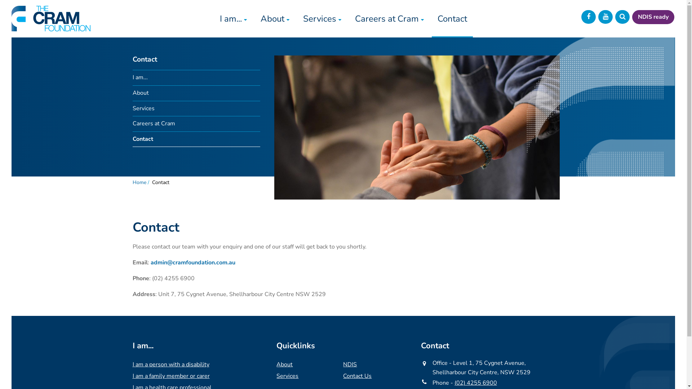 This screenshot has width=692, height=389. What do you see at coordinates (476, 383) in the screenshot?
I see `'(02) 4255 6900'` at bounding box center [476, 383].